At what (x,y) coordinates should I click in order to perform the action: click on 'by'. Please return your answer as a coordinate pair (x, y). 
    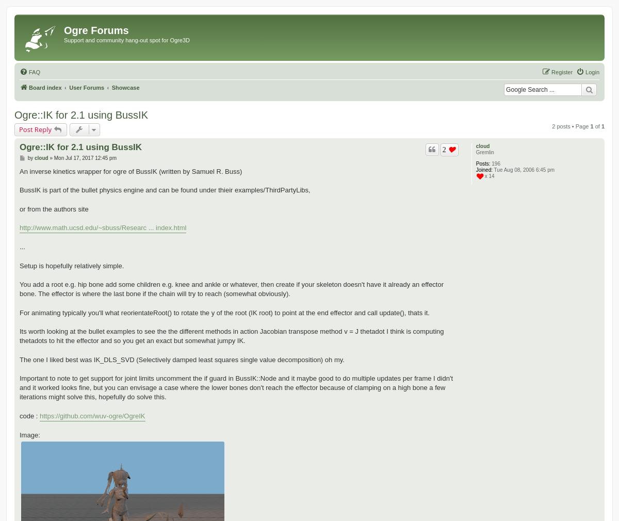
    Looking at the image, I should click on (30, 157).